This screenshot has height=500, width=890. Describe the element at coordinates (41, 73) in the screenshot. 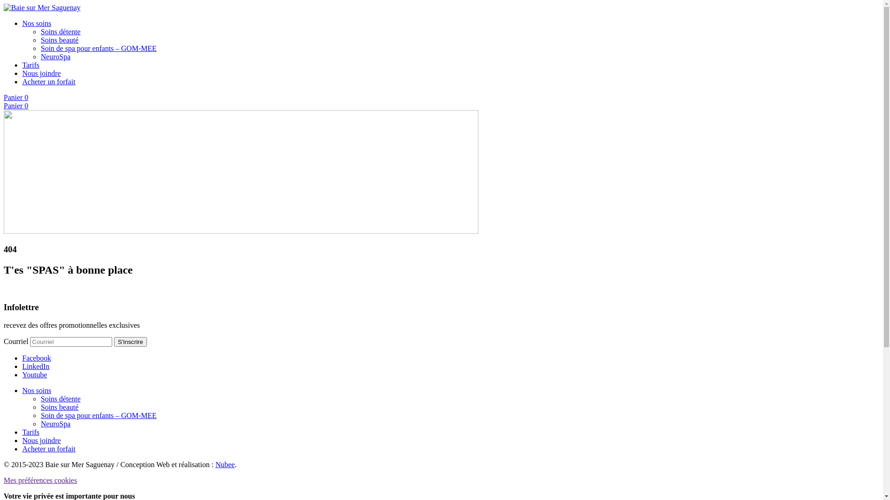

I see `'Nous joindre'` at that location.